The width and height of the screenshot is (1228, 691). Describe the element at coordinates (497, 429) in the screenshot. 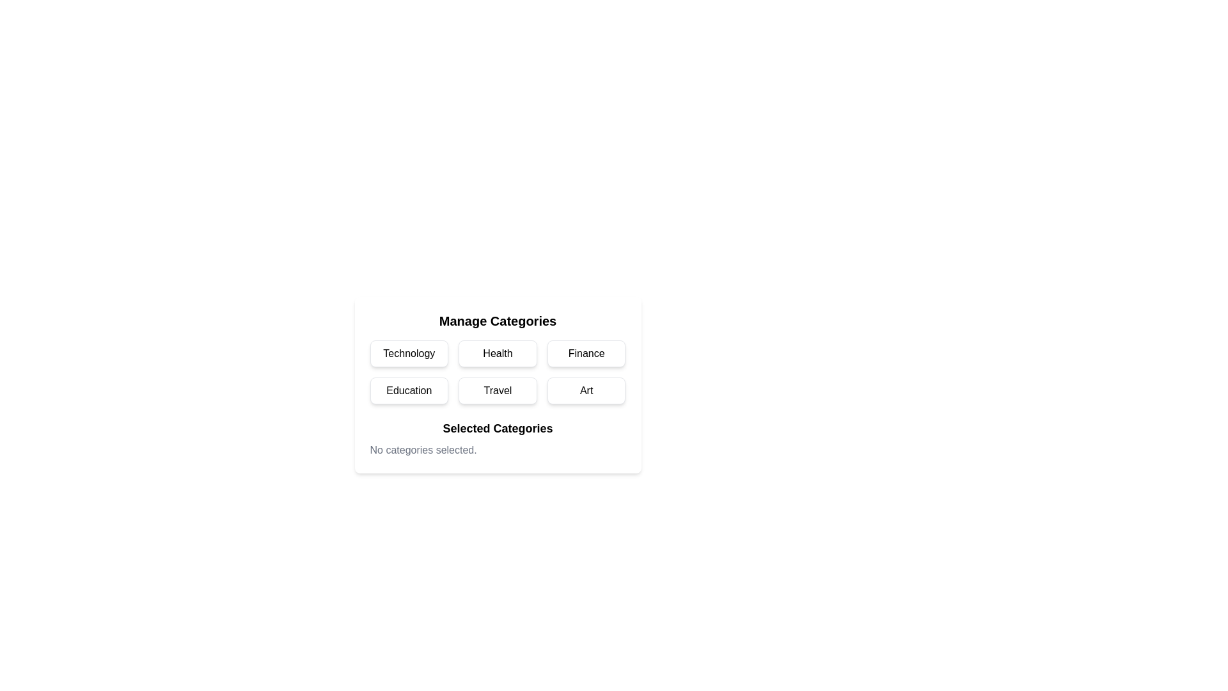

I see `the header Text label that indicates the section for selected categories, which is centrally aligned and positioned above the category buttons` at that location.